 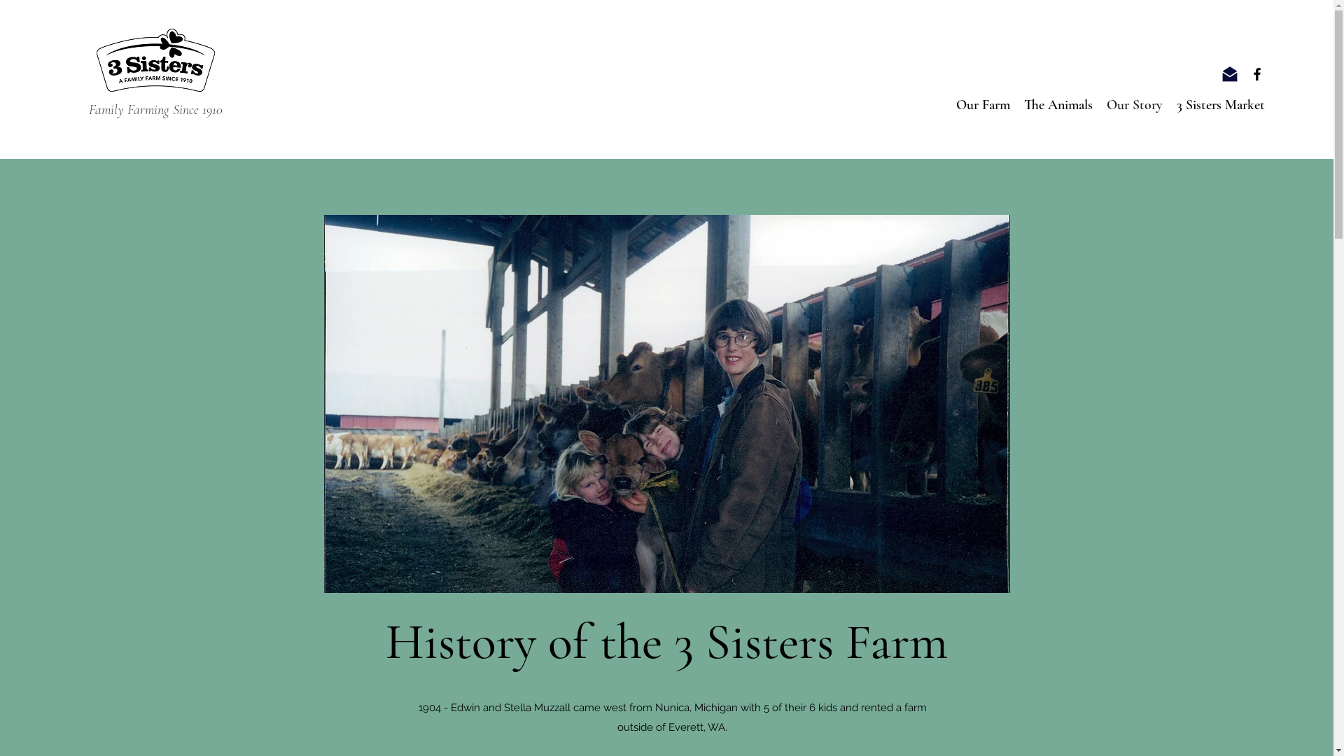 What do you see at coordinates (1169, 104) in the screenshot?
I see `'3 Sisters Market'` at bounding box center [1169, 104].